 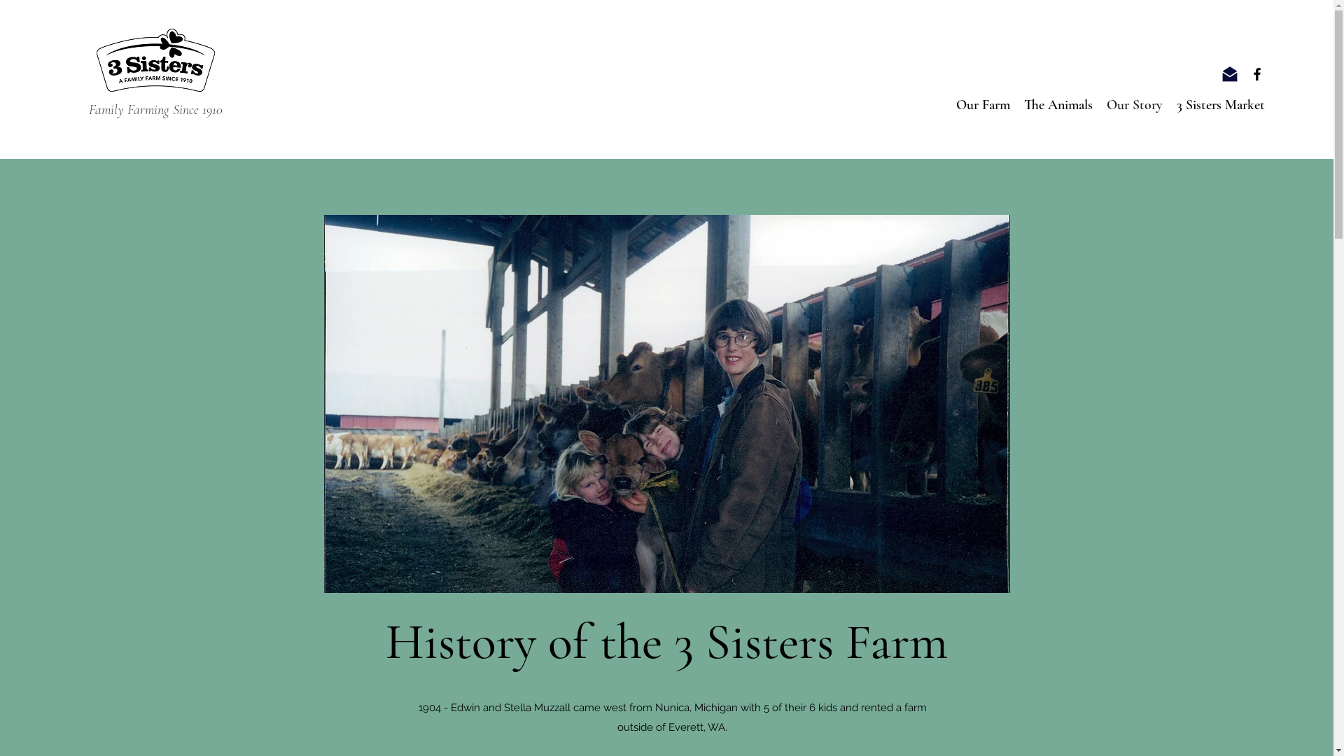 What do you see at coordinates (1169, 104) in the screenshot?
I see `'3 Sisters Market'` at bounding box center [1169, 104].